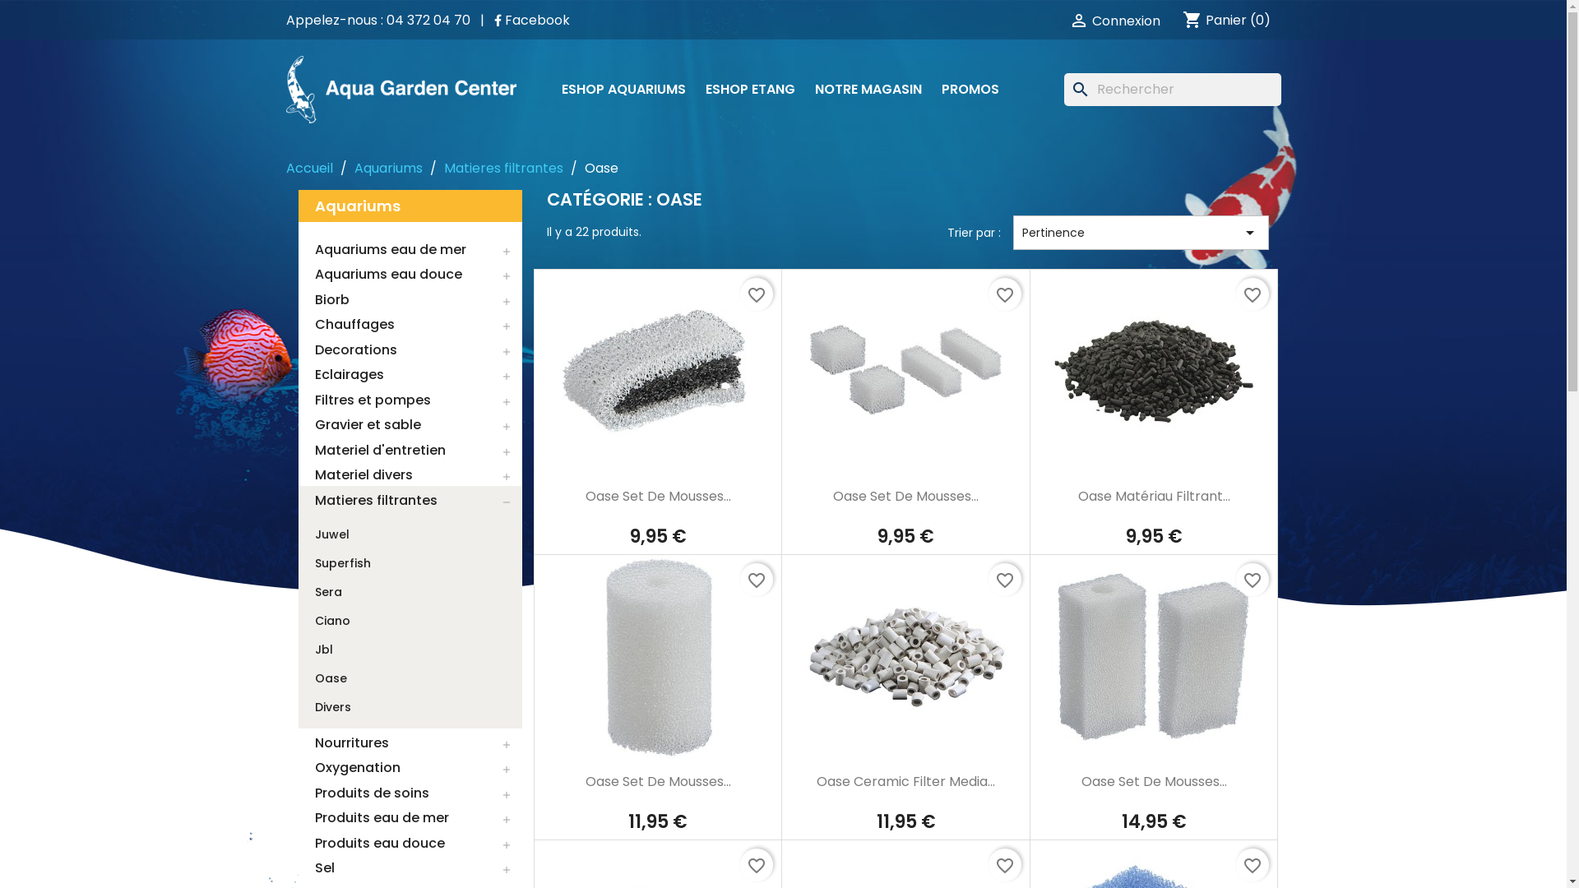 This screenshot has width=1579, height=888. Describe the element at coordinates (410, 450) in the screenshot. I see `'Materiel d'entretien'` at that location.